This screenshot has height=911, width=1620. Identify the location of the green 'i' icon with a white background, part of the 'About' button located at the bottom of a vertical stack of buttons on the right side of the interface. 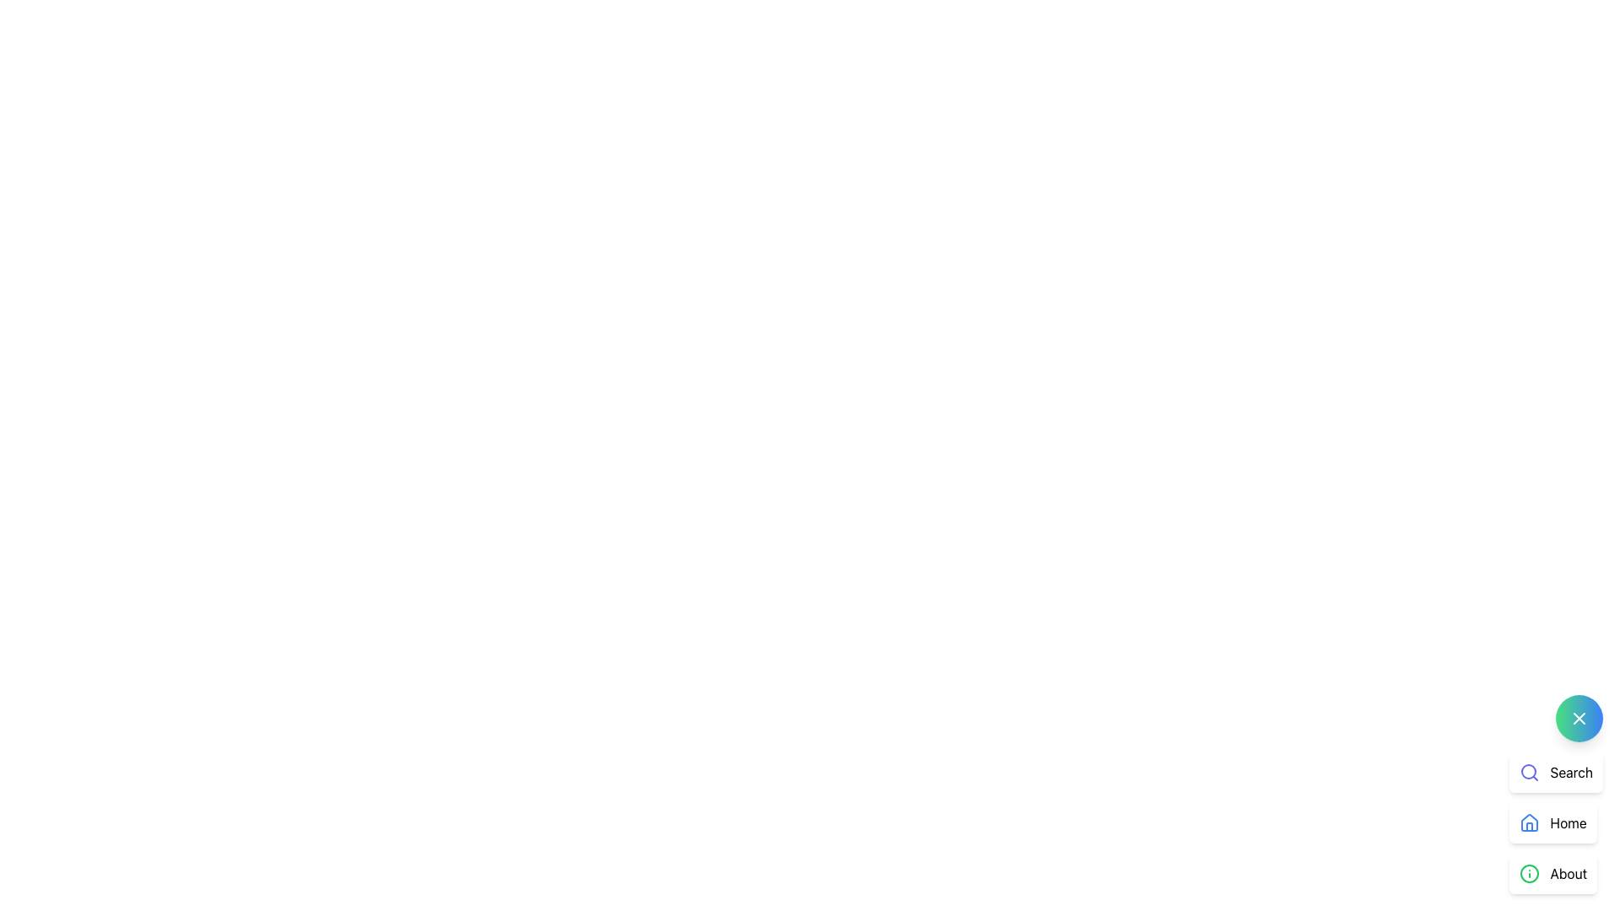
(1530, 873).